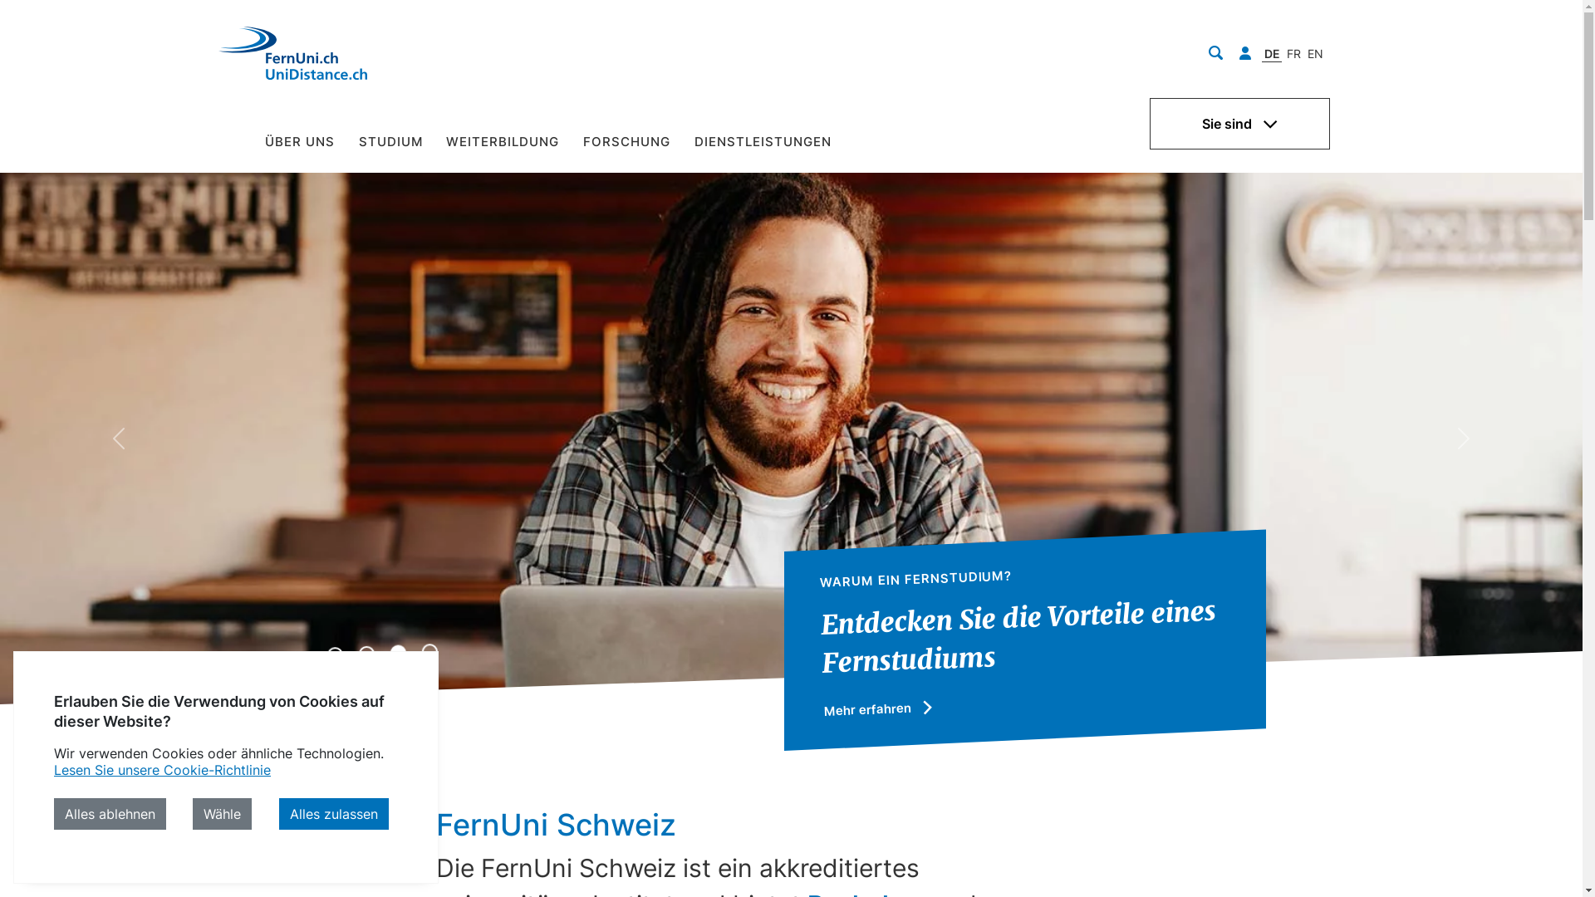 Image resolution: width=1595 pixels, height=897 pixels. I want to click on 'Alles zulassen', so click(279, 812).